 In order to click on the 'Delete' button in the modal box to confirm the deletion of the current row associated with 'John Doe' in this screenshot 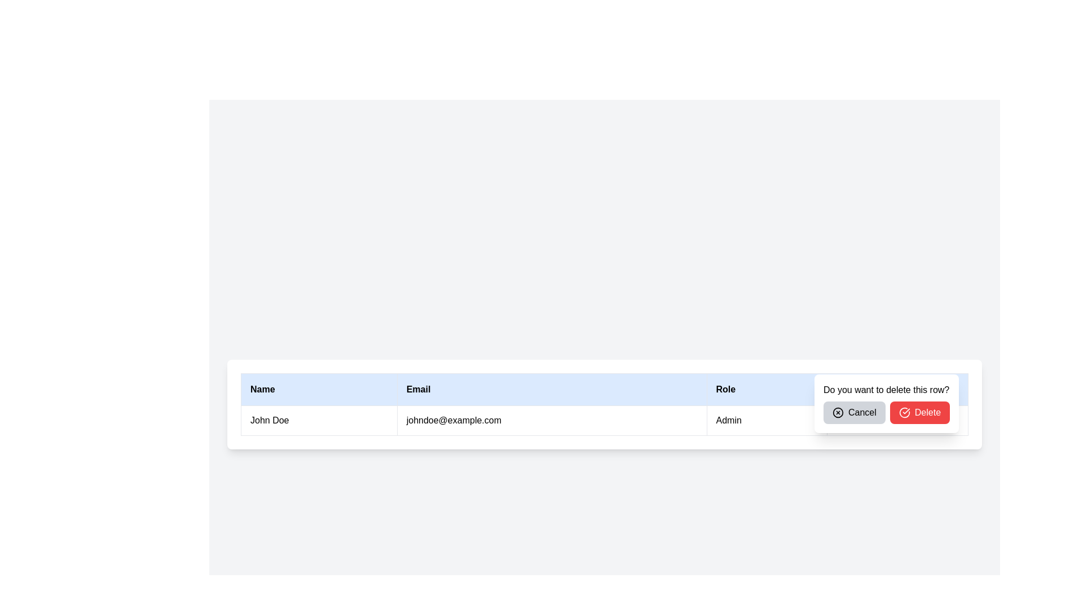, I will do `click(896, 420)`.